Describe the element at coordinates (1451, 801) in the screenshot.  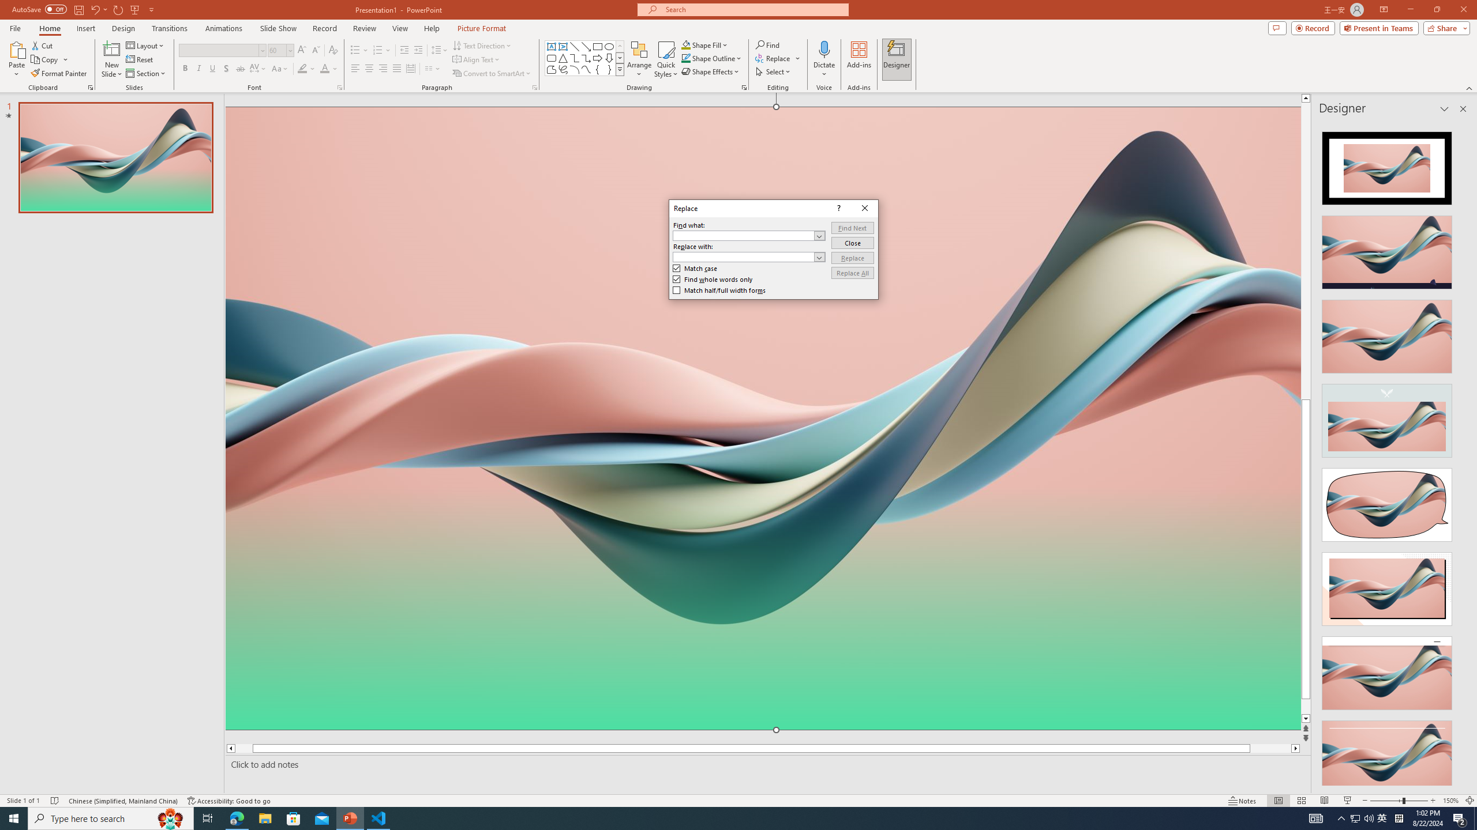
I see `'Zoom 150%'` at that location.